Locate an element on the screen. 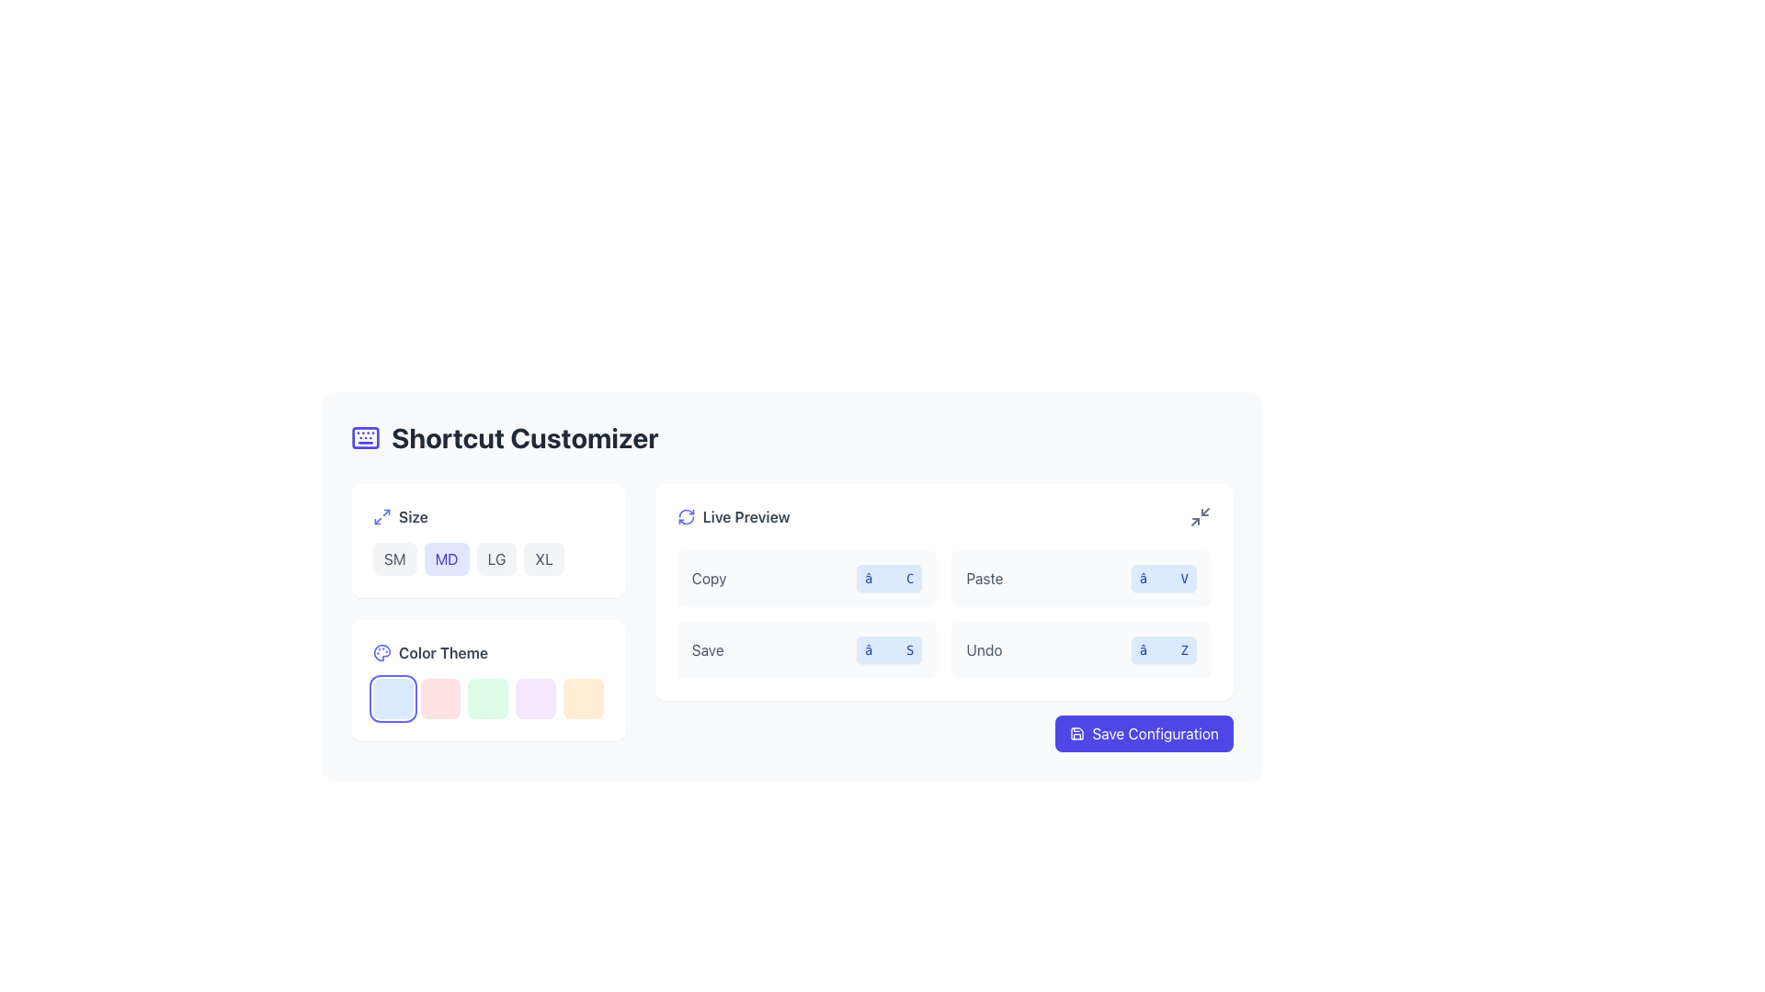 This screenshot has width=1765, height=992. the fourth button with a light purple background in the 'Color Theme' configuration section is located at coordinates (535, 698).